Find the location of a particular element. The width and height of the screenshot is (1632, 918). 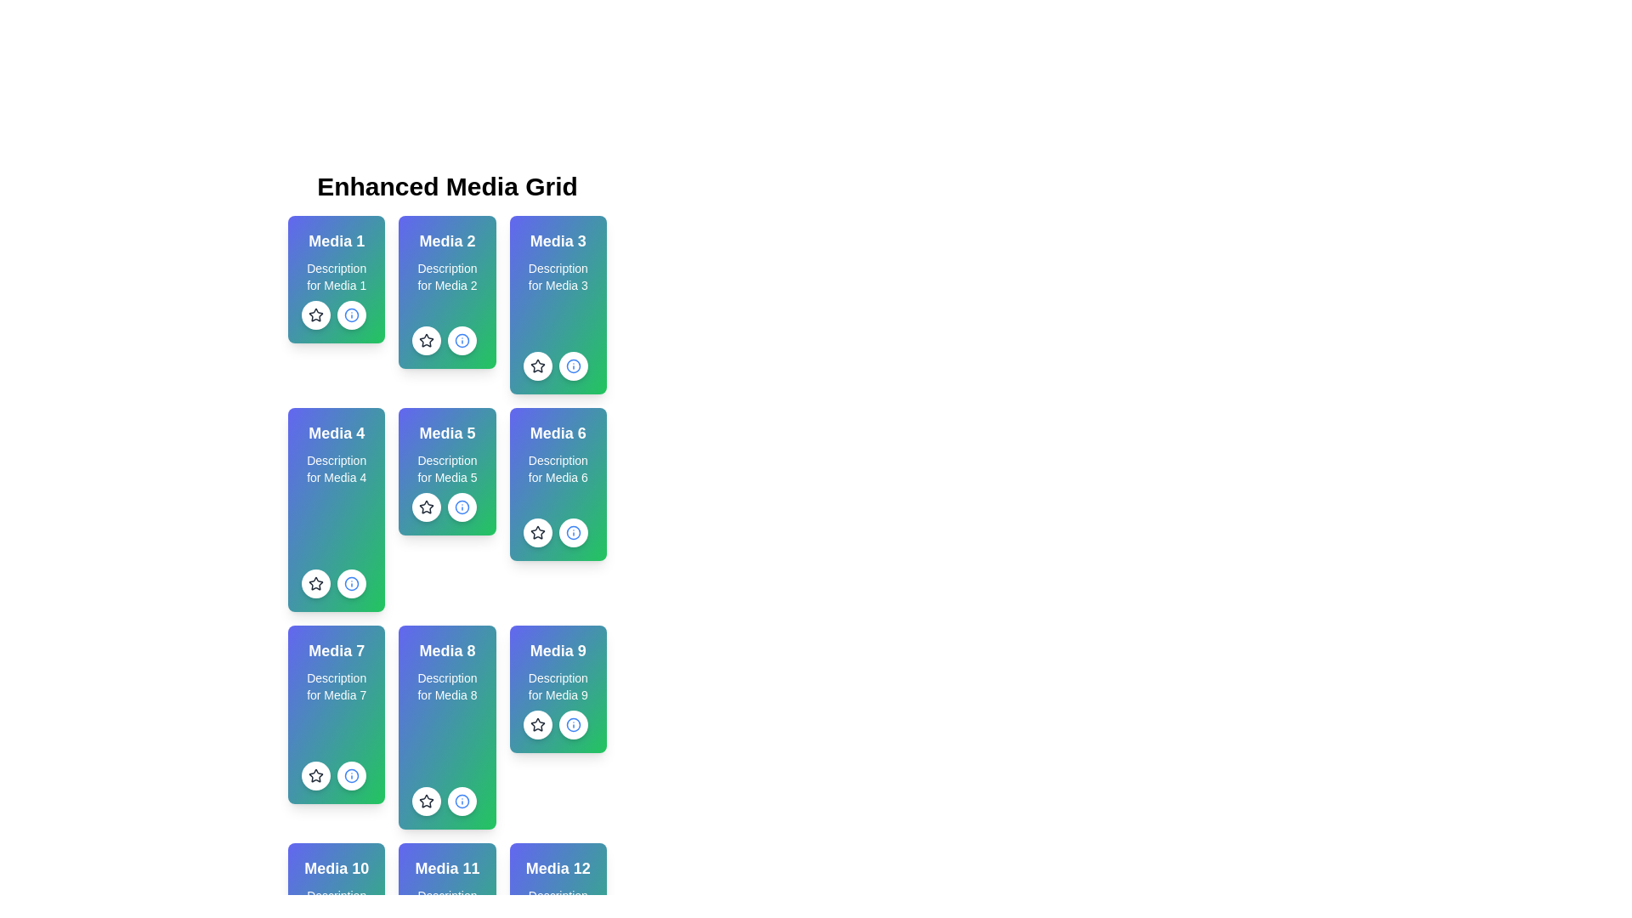

the favorite button located at the bottom-left corner of the 'Media 7' card is located at coordinates (316, 776).